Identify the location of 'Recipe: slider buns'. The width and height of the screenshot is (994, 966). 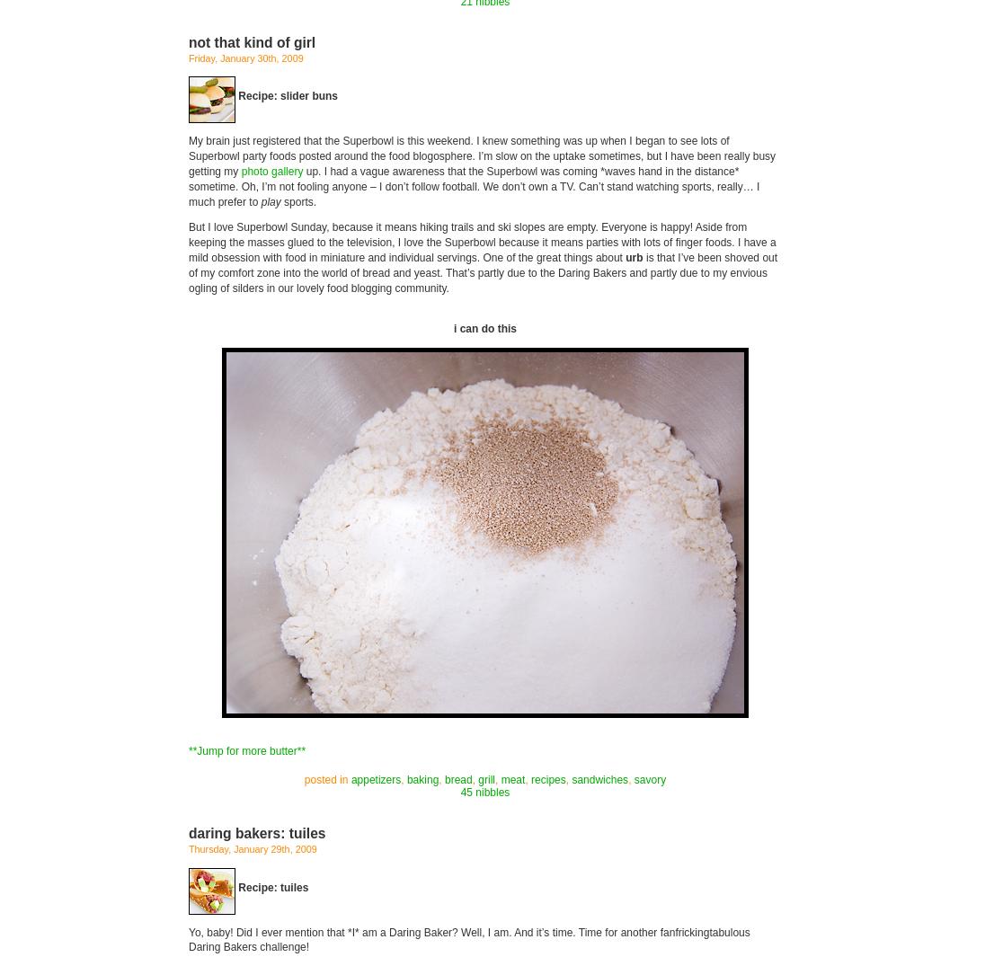
(237, 94).